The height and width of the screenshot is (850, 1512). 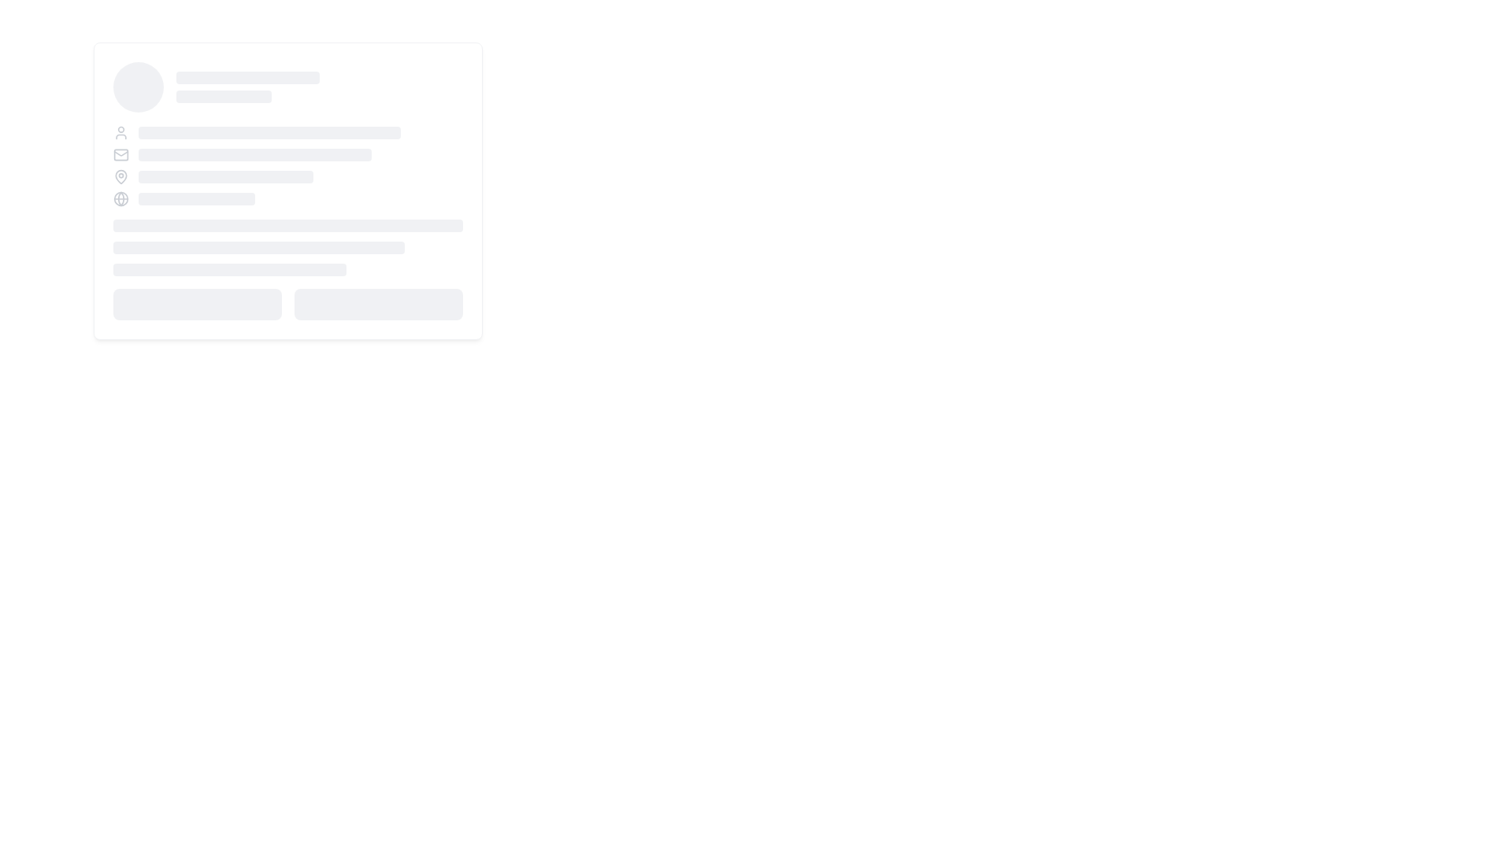 What do you see at coordinates (120, 154) in the screenshot?
I see `the envelope icon, which signifies mail or messaging functions, from its current position` at bounding box center [120, 154].